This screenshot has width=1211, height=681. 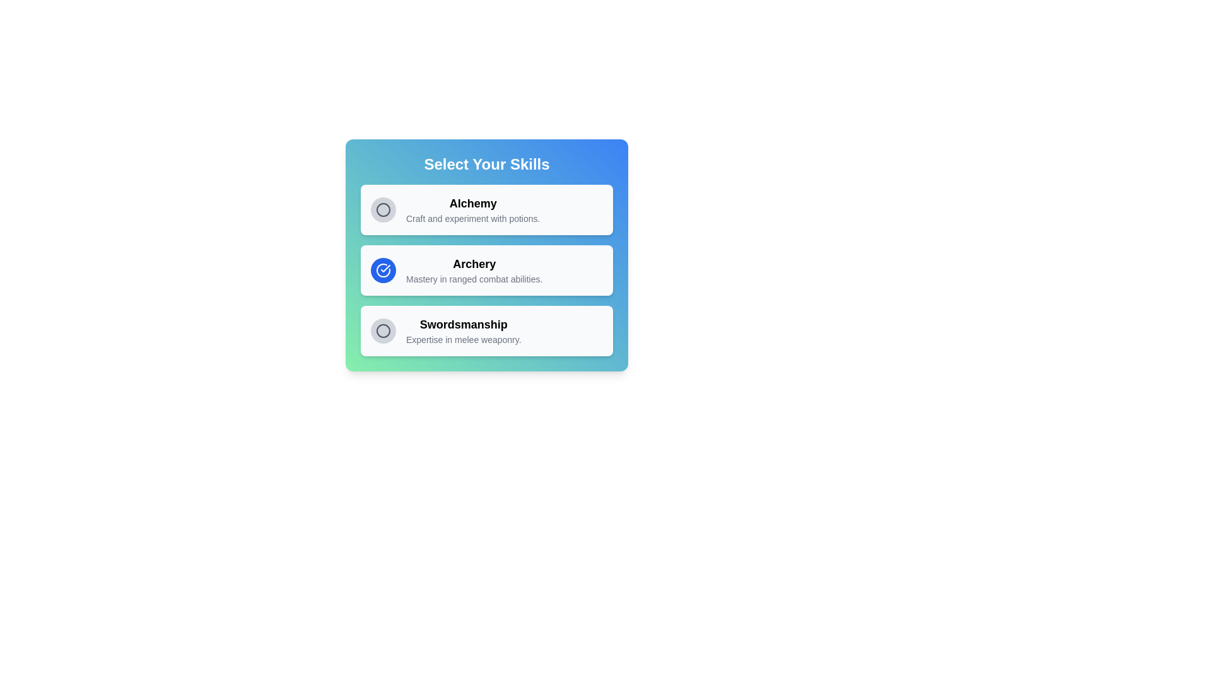 I want to click on the skill Swordsmanship, so click(x=383, y=330).